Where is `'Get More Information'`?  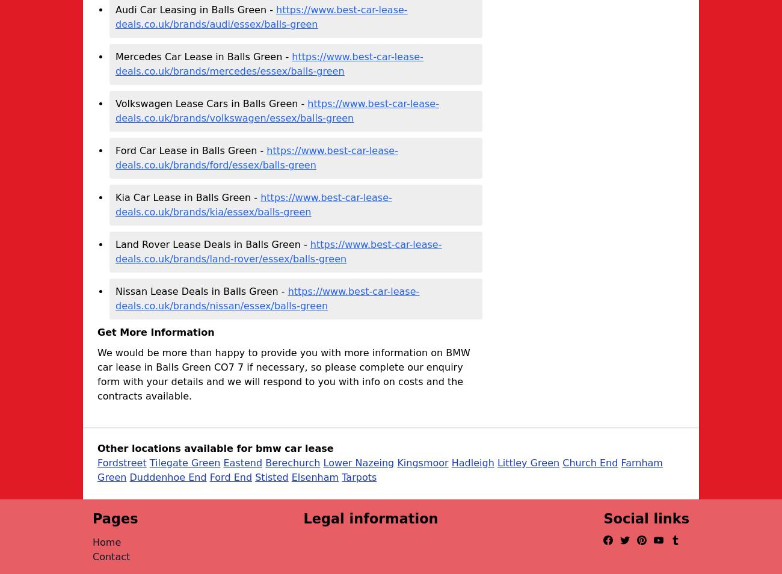
'Get More Information' is located at coordinates (155, 332).